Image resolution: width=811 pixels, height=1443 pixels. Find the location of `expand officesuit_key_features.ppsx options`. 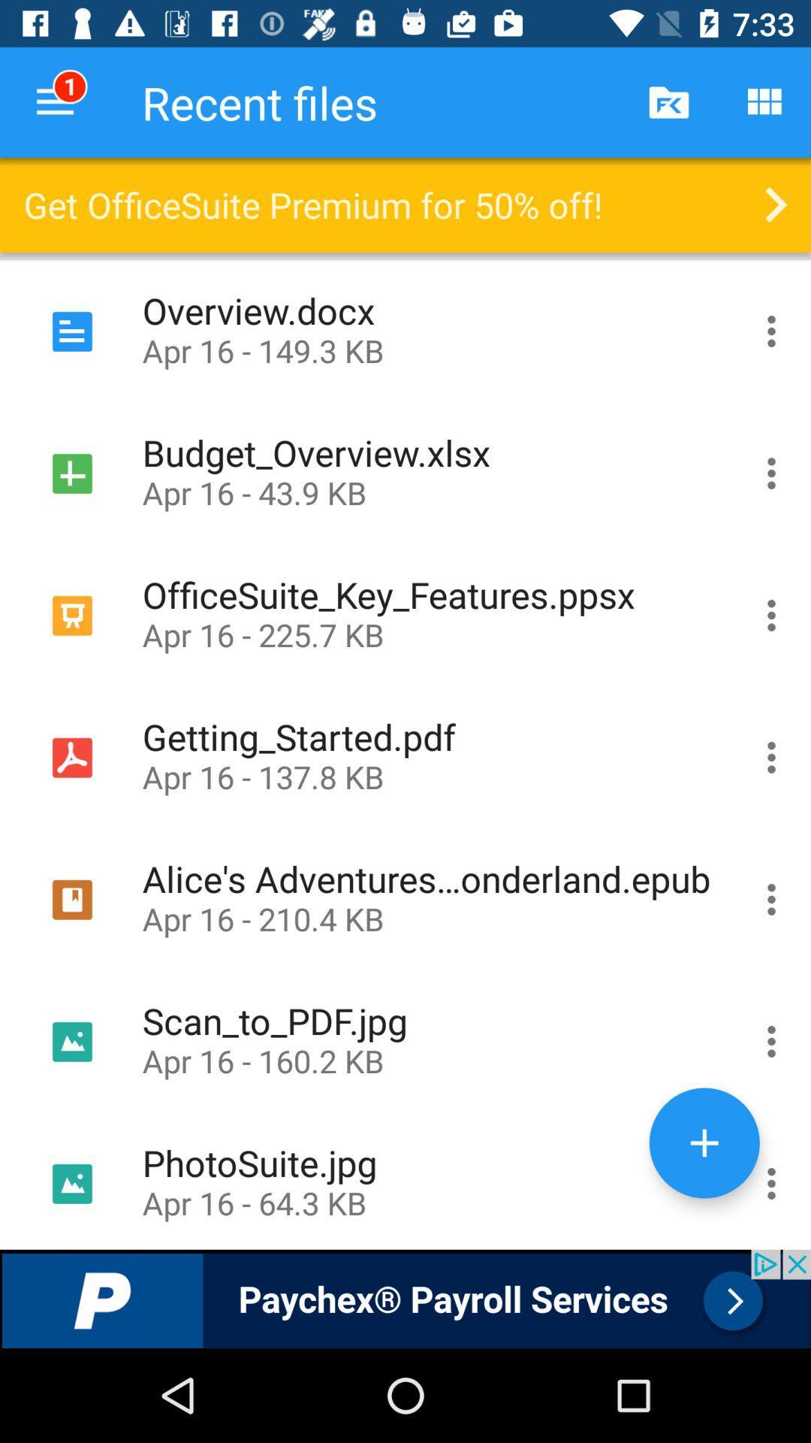

expand officesuit_key_features.ppsx options is located at coordinates (771, 616).